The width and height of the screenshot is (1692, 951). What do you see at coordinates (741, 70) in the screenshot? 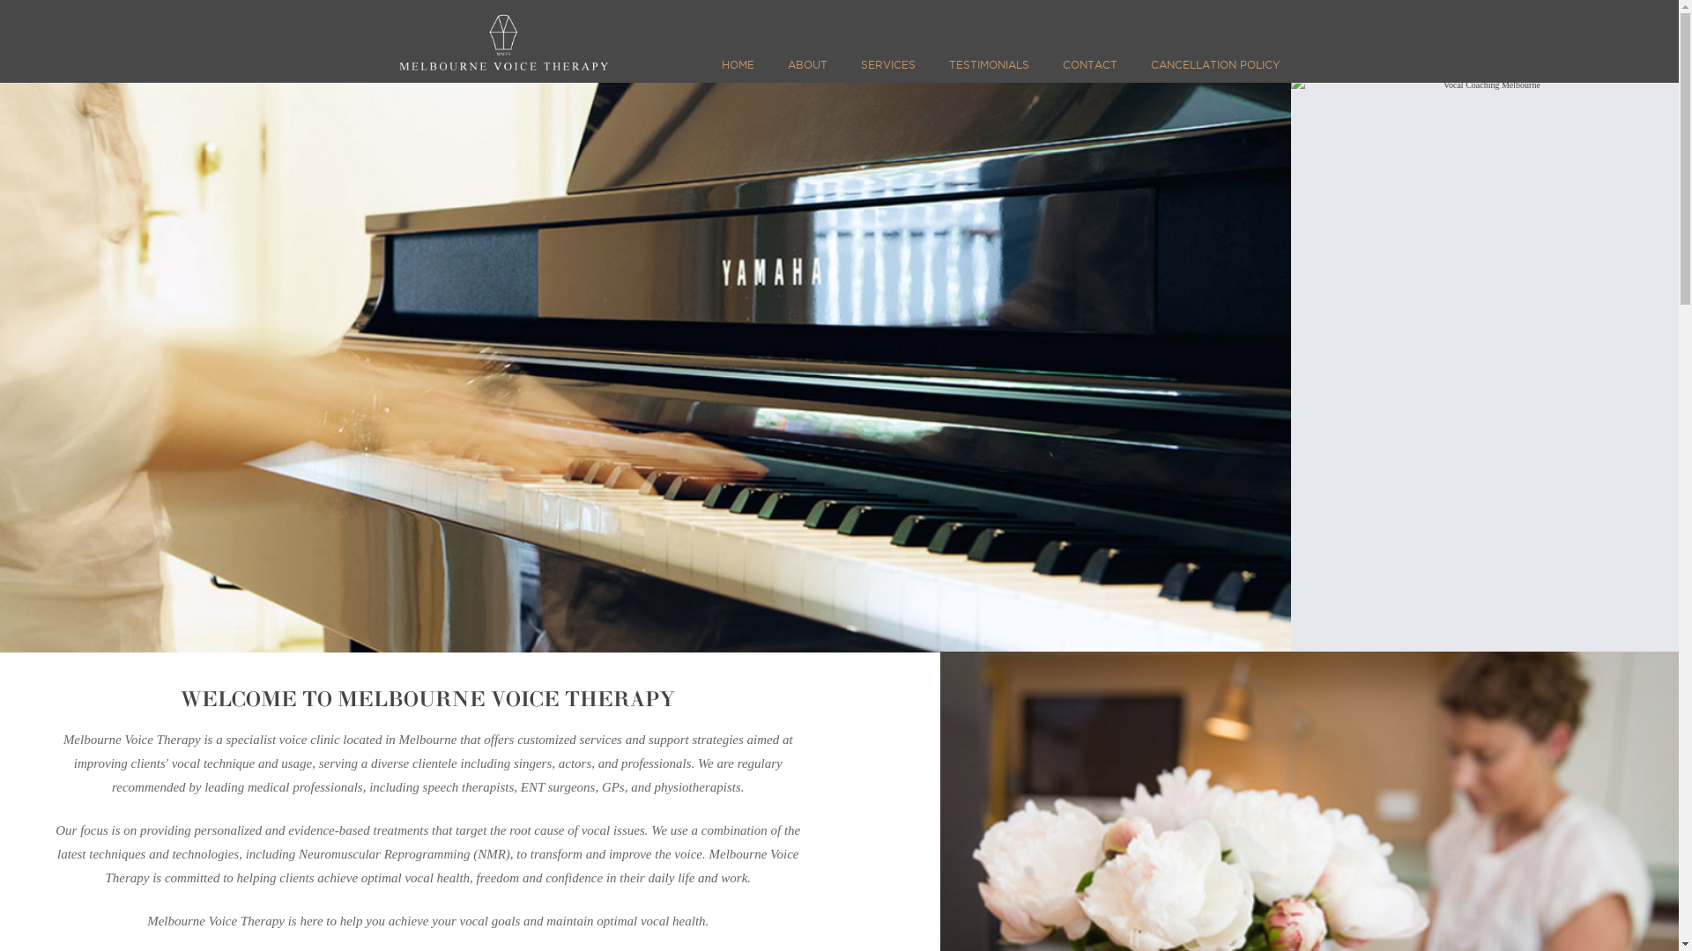
I see `'HOME'` at bounding box center [741, 70].